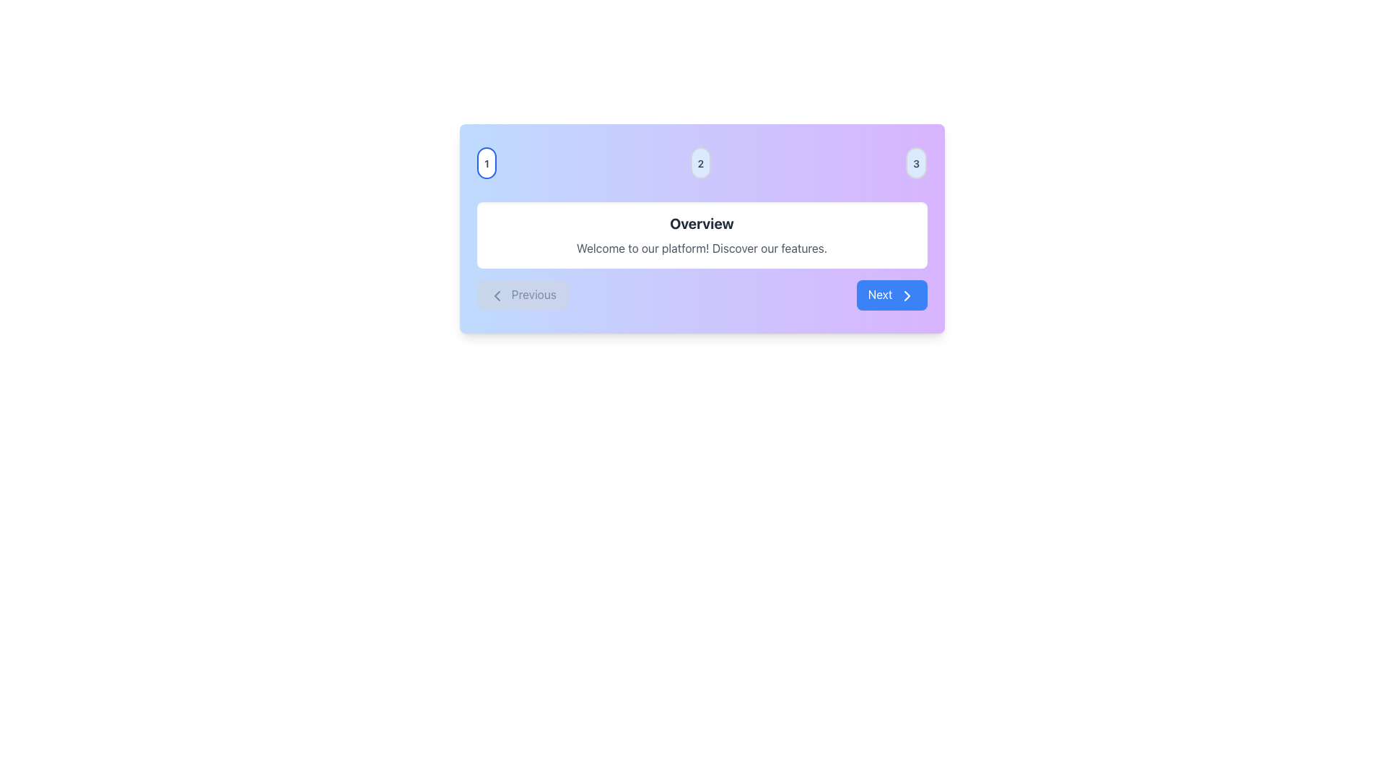  What do you see at coordinates (486, 162) in the screenshot?
I see `the numeral '1' displayed in a small, bold font and gray color, located in the center of the leftmost rounded button in the horizontal navigation bar` at bounding box center [486, 162].